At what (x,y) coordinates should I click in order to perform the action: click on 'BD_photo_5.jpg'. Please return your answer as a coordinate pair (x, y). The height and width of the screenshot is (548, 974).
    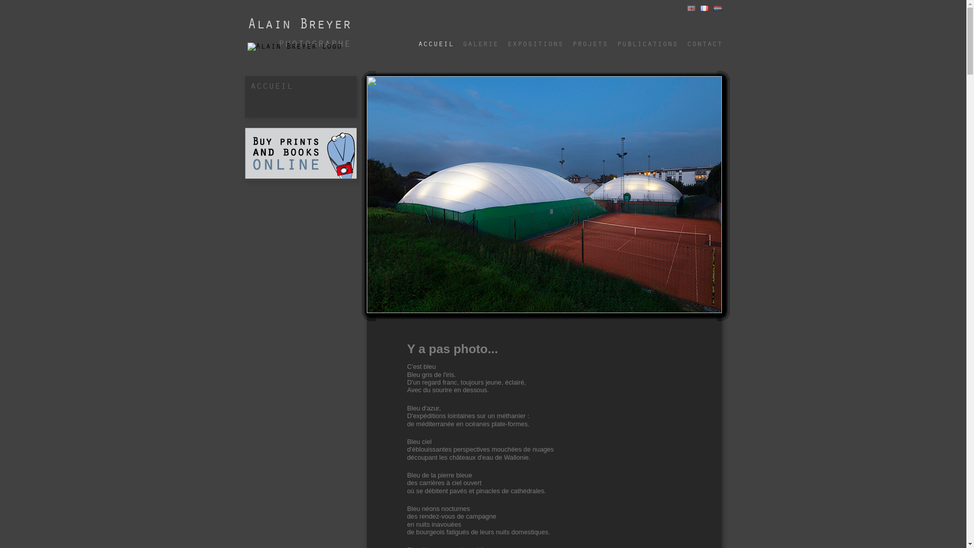
    Looking at the image, I should click on (543, 194).